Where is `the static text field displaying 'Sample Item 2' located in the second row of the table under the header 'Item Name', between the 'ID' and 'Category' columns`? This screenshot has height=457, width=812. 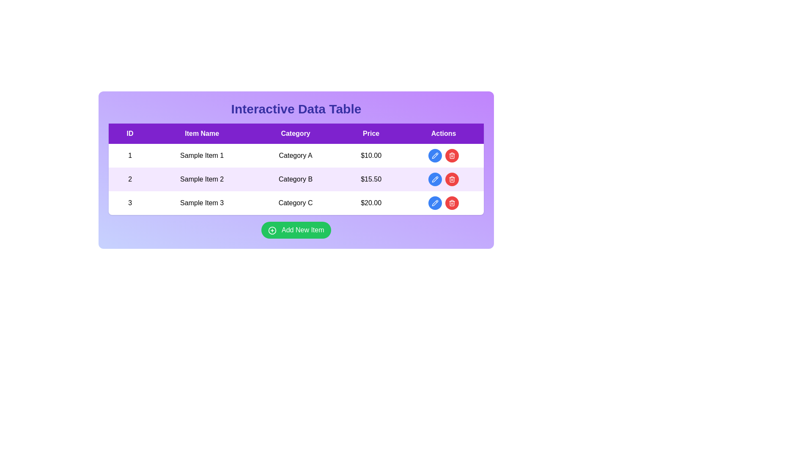 the static text field displaying 'Sample Item 2' located in the second row of the table under the header 'Item Name', between the 'ID' and 'Category' columns is located at coordinates (201, 179).